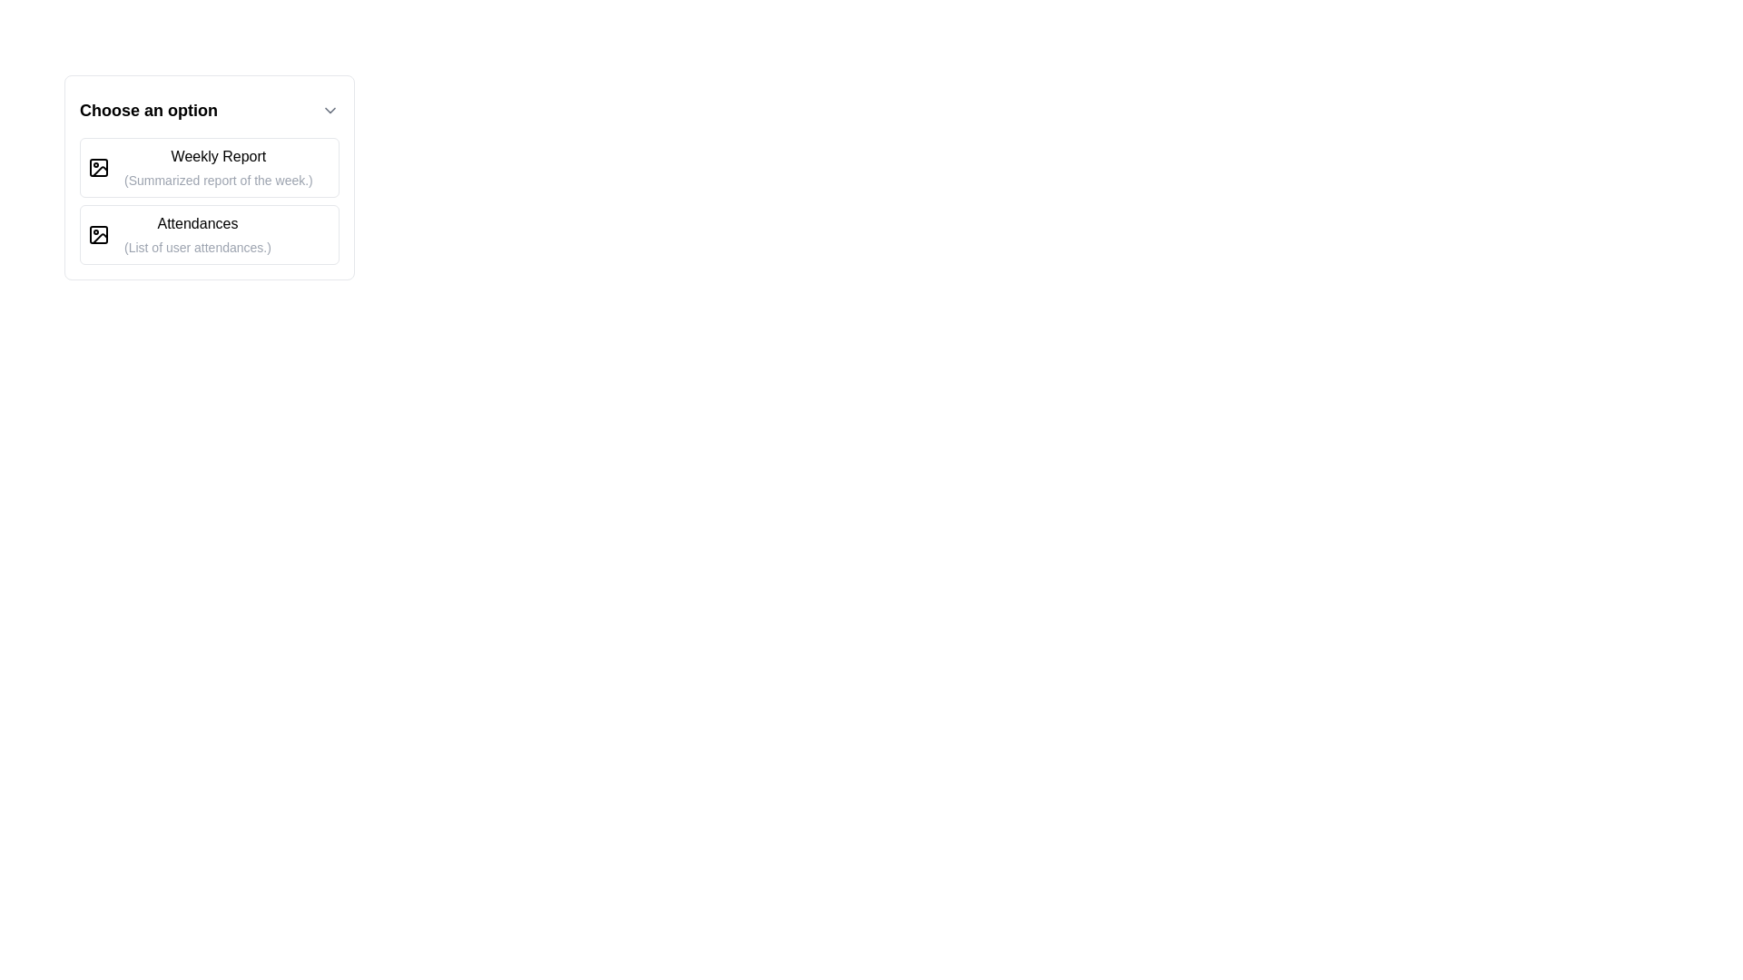  I want to click on the text label containing the content '(Summarized report of the week.)', which is styled in light gray and positioned below the 'Weekly Report' title, so click(218, 181).